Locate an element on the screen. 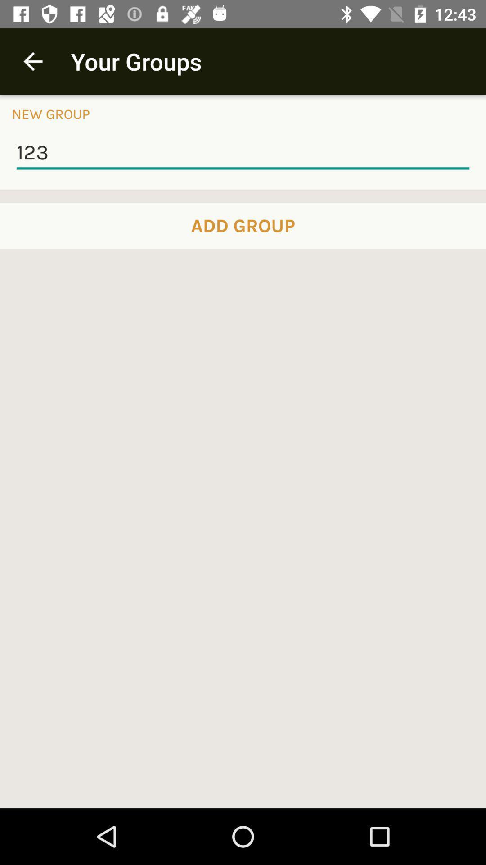 Image resolution: width=486 pixels, height=865 pixels. item above new group is located at coordinates (32, 61).